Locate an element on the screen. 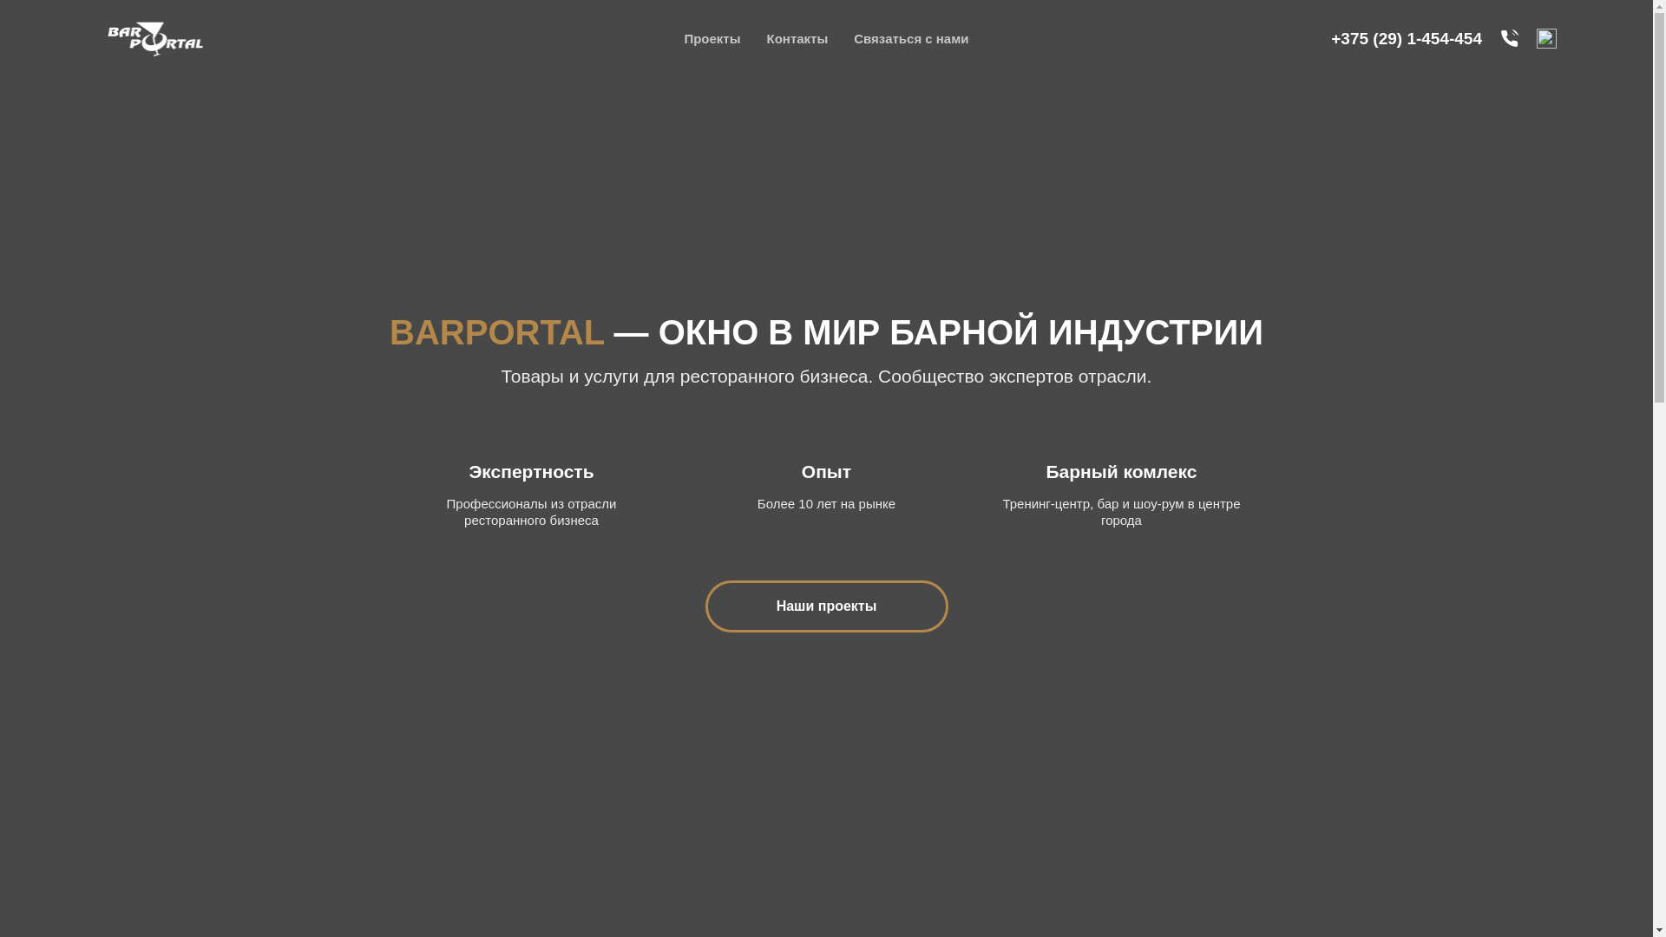  '+375 (29) 1-454-454' is located at coordinates (1321, 37).